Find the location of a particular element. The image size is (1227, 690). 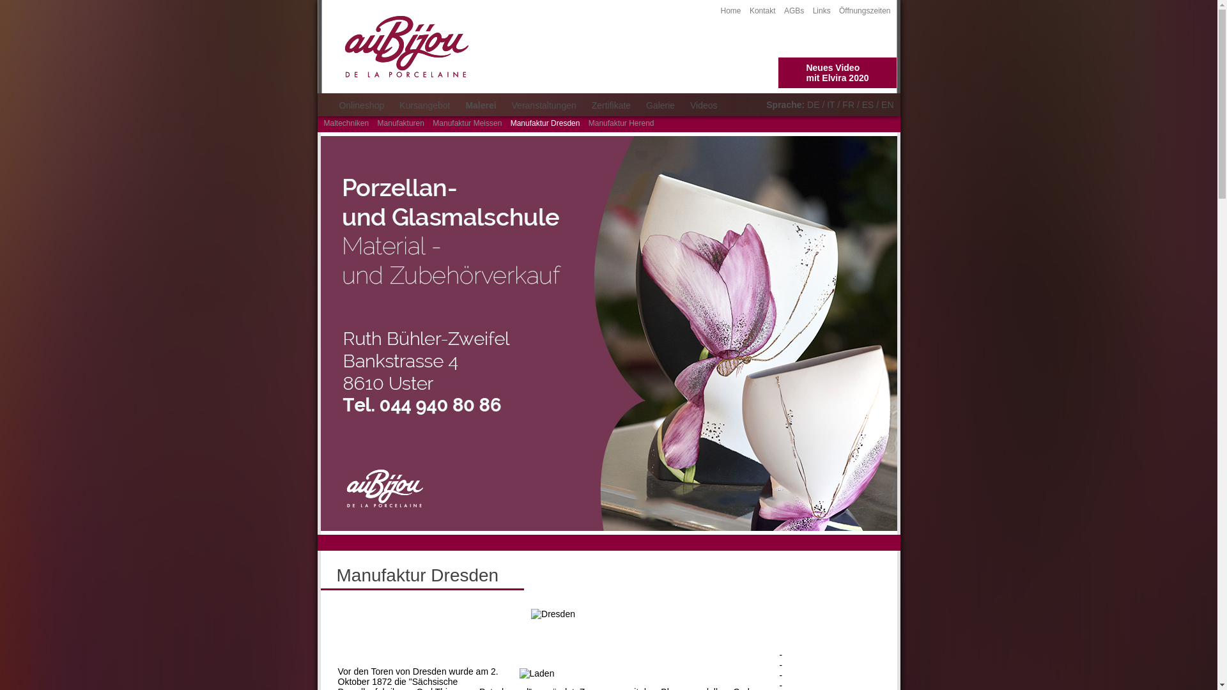

'Dresden' is located at coordinates (553, 613).